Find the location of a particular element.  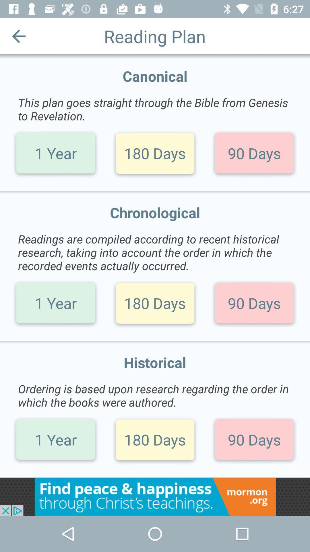

advertisement is located at coordinates (155, 497).